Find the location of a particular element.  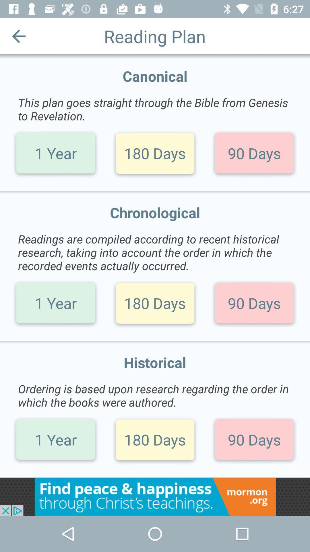

advertisement is located at coordinates (155, 497).